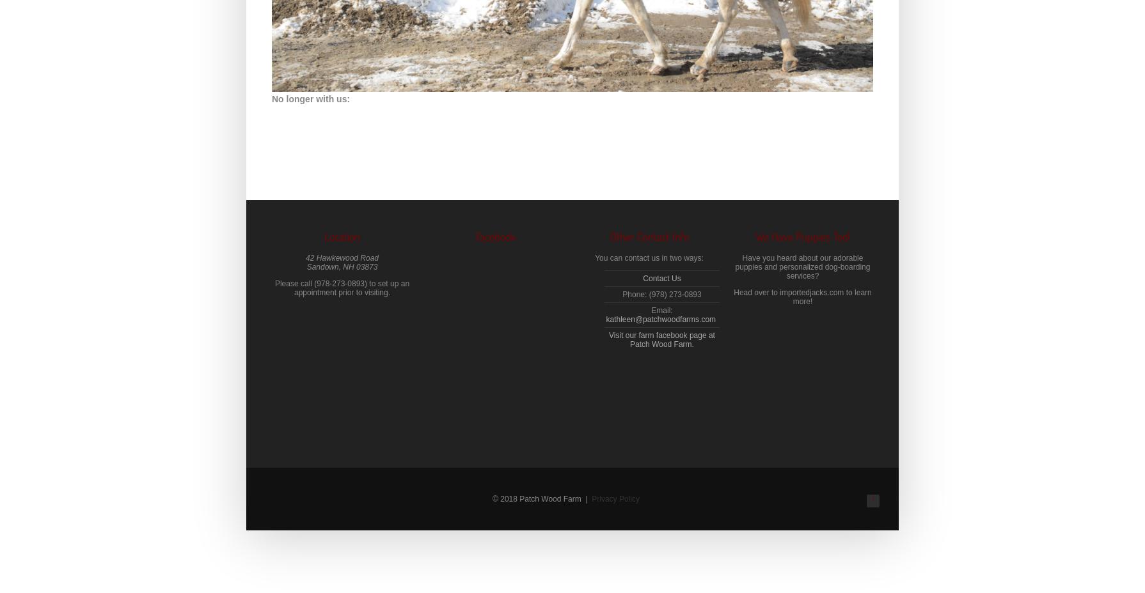  I want to click on 'Facebook', so click(495, 236).